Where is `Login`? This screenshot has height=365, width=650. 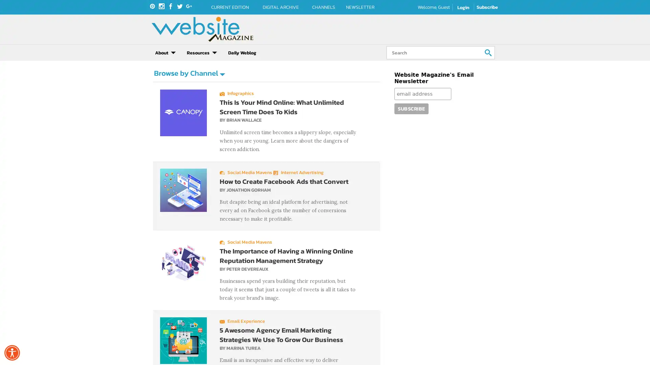
Login is located at coordinates (463, 7).